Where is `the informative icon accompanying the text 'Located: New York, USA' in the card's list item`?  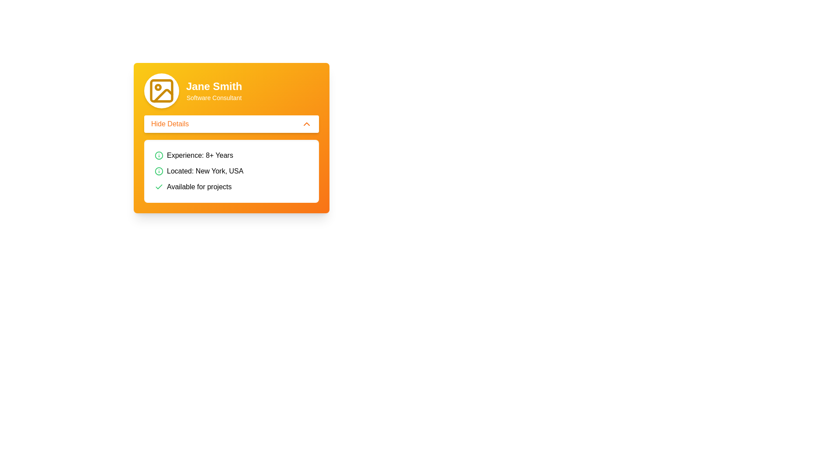
the informative icon accompanying the text 'Located: New York, USA' in the card's list item is located at coordinates (159, 171).